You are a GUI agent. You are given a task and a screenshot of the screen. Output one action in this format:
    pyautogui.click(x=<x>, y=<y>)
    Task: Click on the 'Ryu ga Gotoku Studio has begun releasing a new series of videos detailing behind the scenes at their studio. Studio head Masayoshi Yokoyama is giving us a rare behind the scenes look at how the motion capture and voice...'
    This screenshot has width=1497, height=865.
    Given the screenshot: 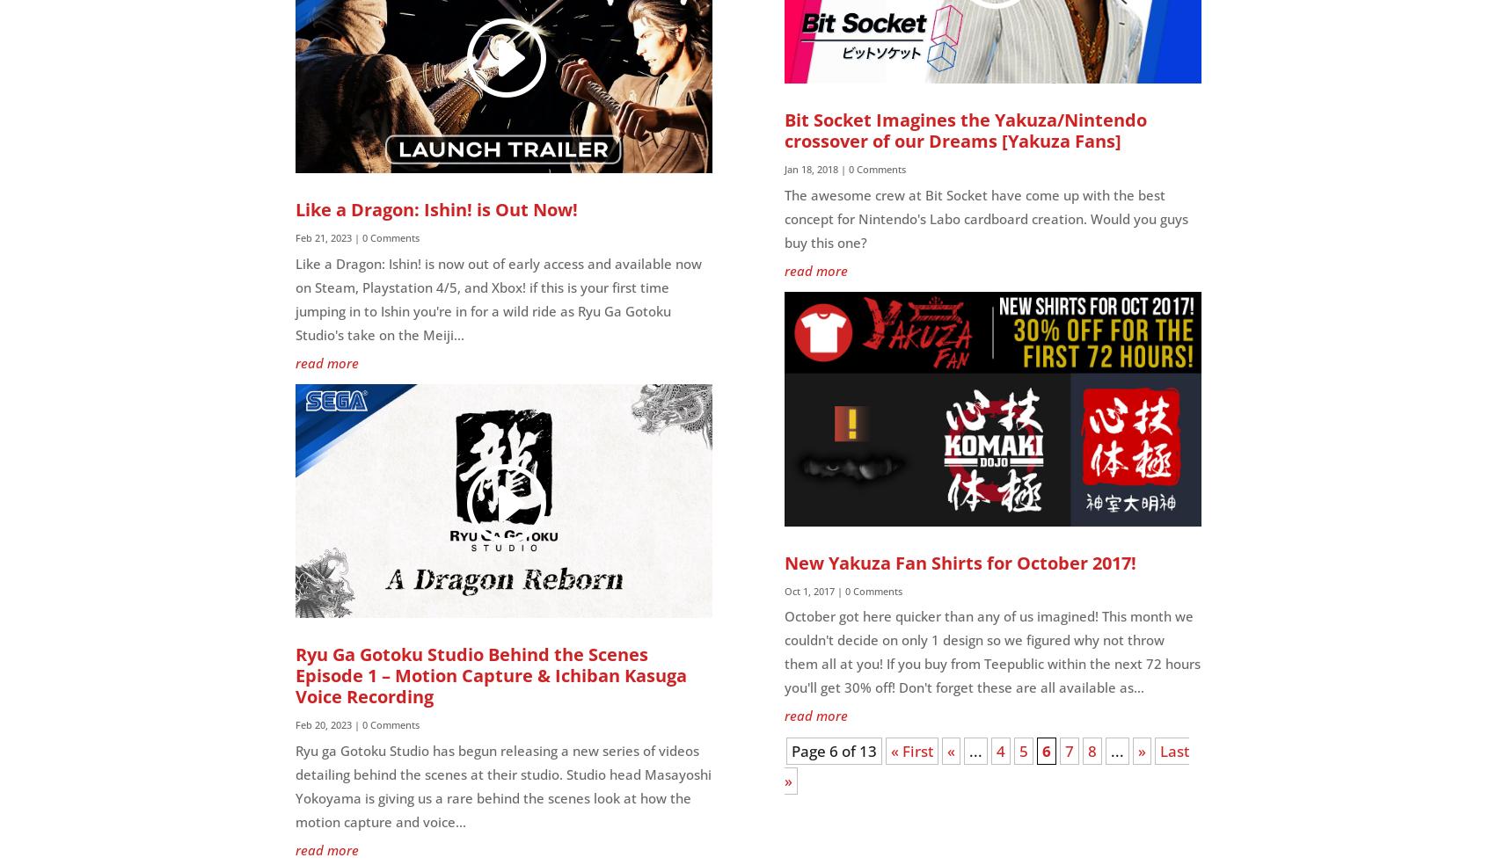 What is the action you would take?
    pyautogui.click(x=503, y=786)
    